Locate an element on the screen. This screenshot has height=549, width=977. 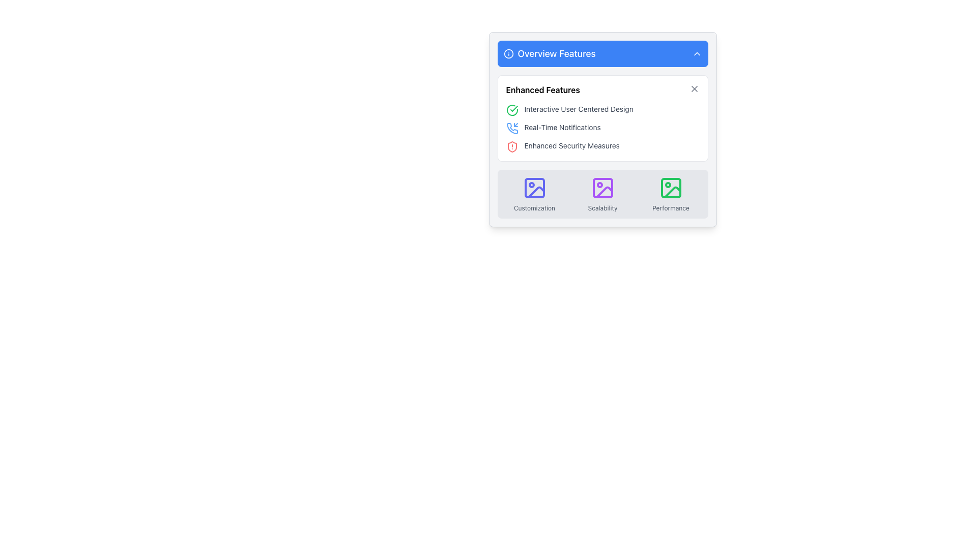
the Interactive card or tile featuring an indigo icon and the text label 'Customization', located in the 'Overview Features' section is located at coordinates (534, 194).